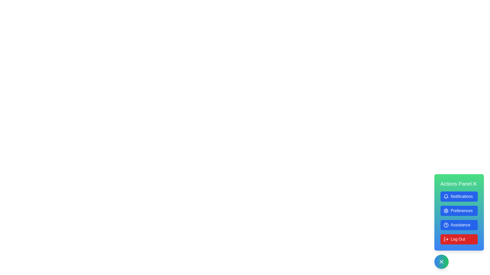  Describe the element at coordinates (446, 239) in the screenshot. I see `the log-out icon located to the left of the 'Log Out' text in the action panel, which serves as a visual indicator for the log-out action` at that location.